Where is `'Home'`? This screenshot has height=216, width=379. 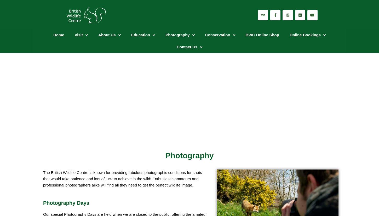 'Home' is located at coordinates (58, 35).